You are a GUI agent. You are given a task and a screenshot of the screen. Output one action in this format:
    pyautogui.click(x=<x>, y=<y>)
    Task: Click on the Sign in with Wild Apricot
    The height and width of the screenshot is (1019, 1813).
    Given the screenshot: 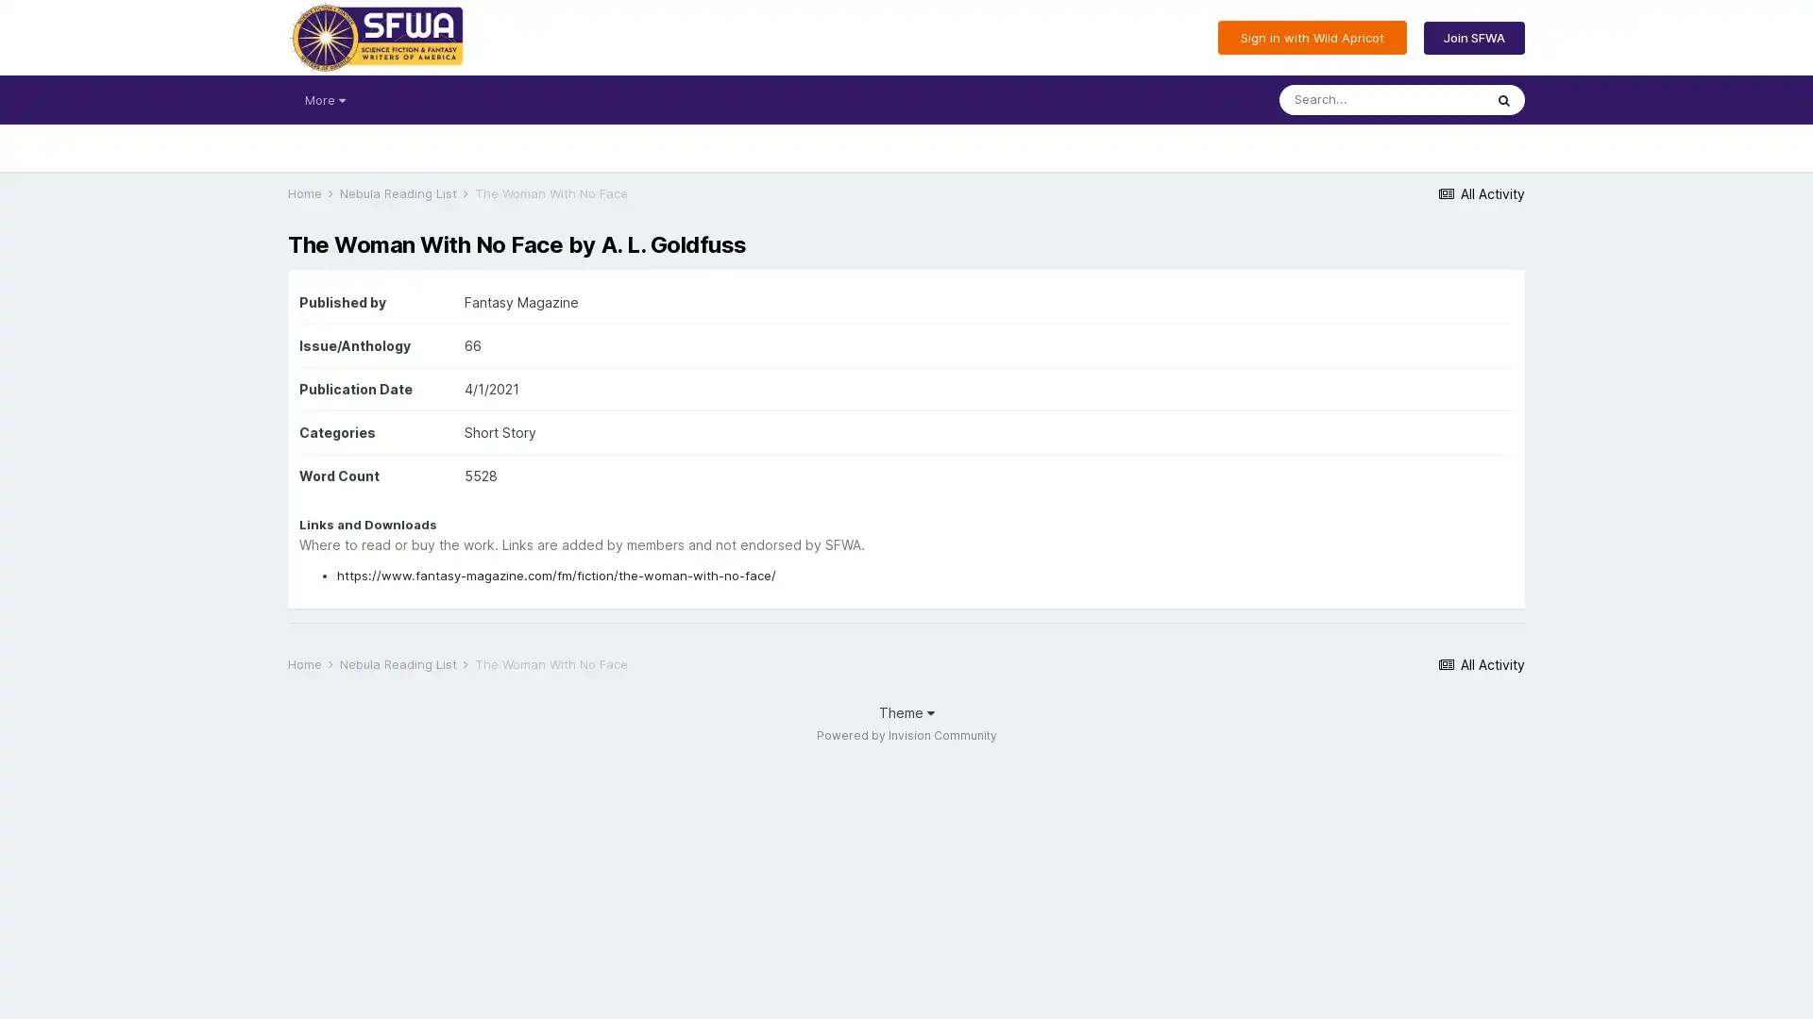 What is the action you would take?
    pyautogui.click(x=1312, y=37)
    